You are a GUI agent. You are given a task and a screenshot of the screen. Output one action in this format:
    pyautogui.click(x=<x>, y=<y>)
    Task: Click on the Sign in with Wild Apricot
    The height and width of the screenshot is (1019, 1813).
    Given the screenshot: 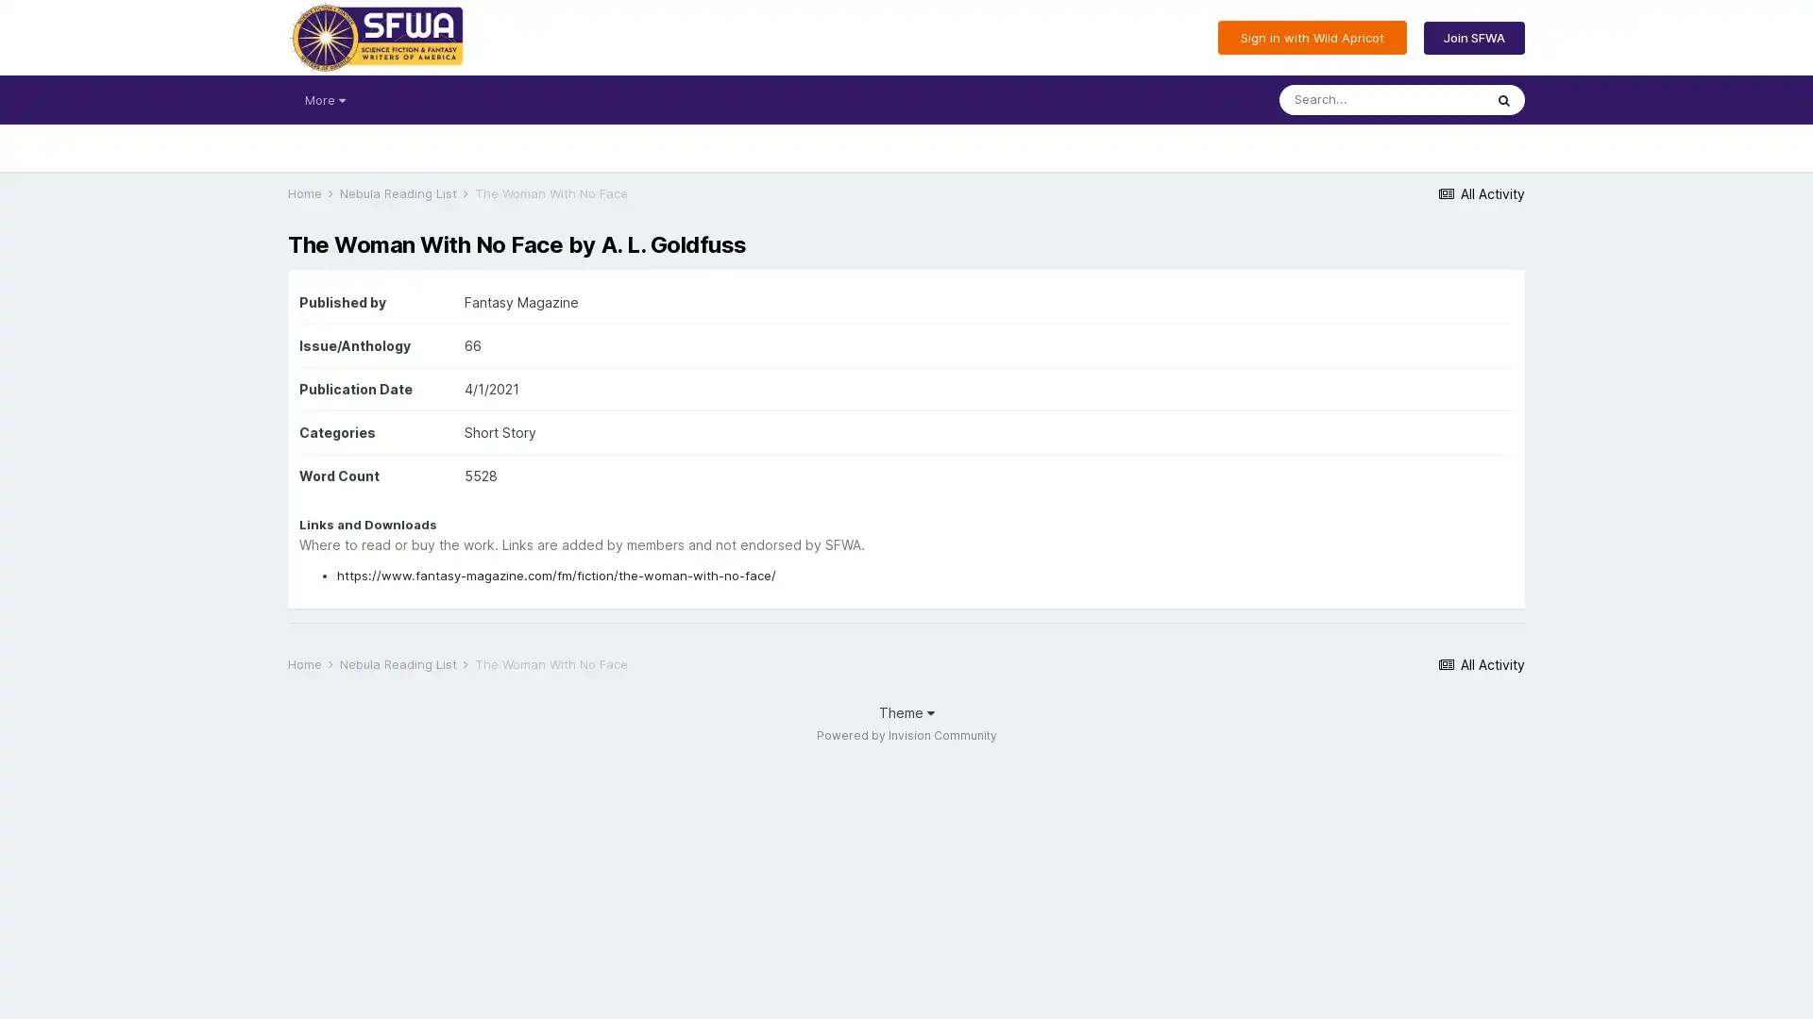 What is the action you would take?
    pyautogui.click(x=1312, y=37)
    